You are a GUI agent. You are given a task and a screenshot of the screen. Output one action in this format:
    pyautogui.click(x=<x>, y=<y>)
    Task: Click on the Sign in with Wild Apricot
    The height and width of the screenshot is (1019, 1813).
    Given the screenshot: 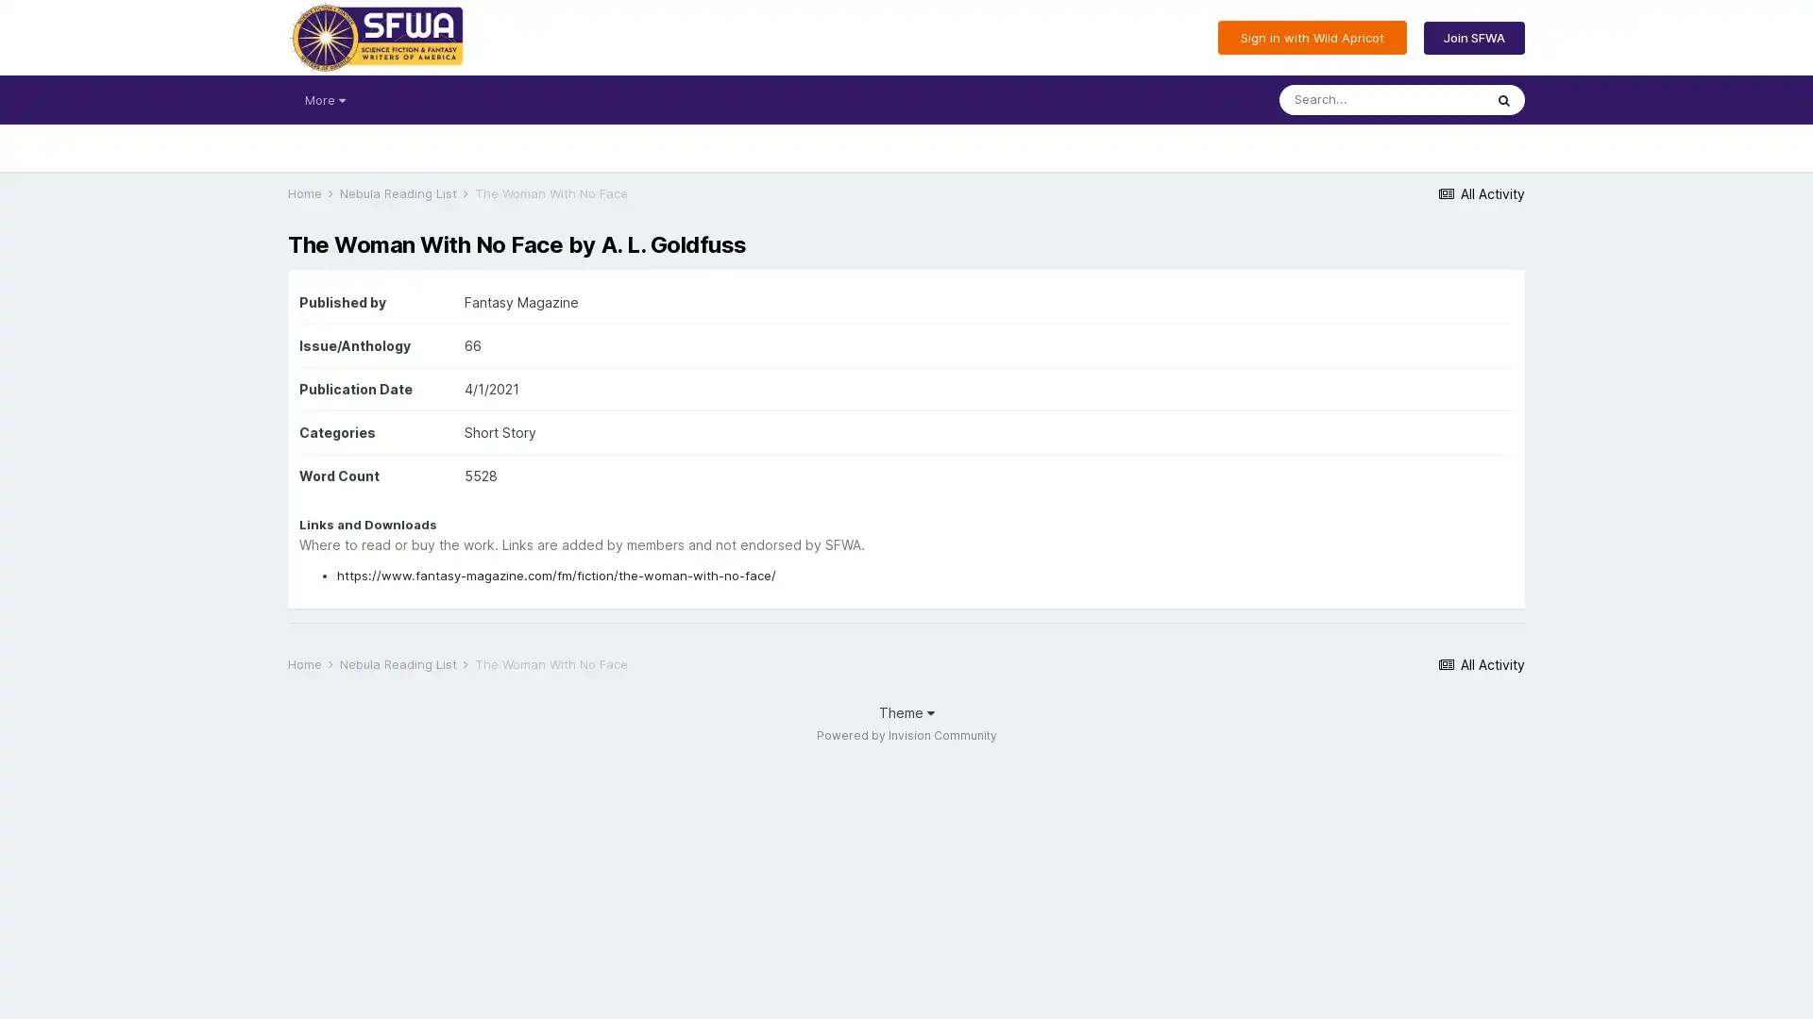 What is the action you would take?
    pyautogui.click(x=1312, y=37)
    